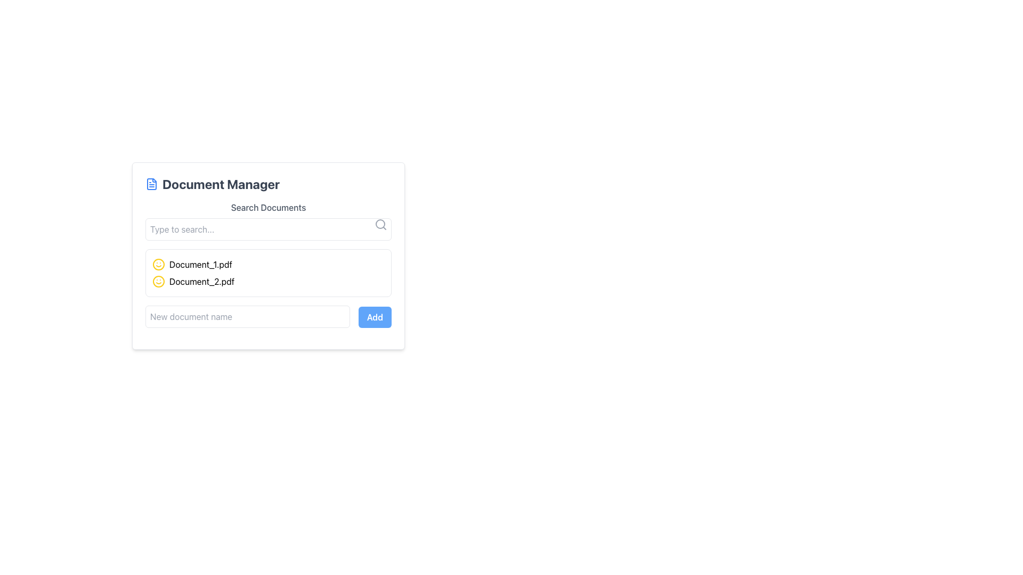 The height and width of the screenshot is (575, 1023). Describe the element at coordinates (380, 223) in the screenshot. I see `the SVG Circle that represents the central circle of the magnifying glass icon located at the top-right corner of the search bar area` at that location.